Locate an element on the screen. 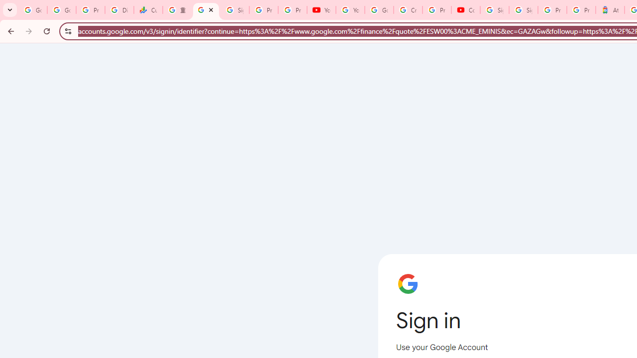  'Atour Hotel - Google hotels' is located at coordinates (610, 10).